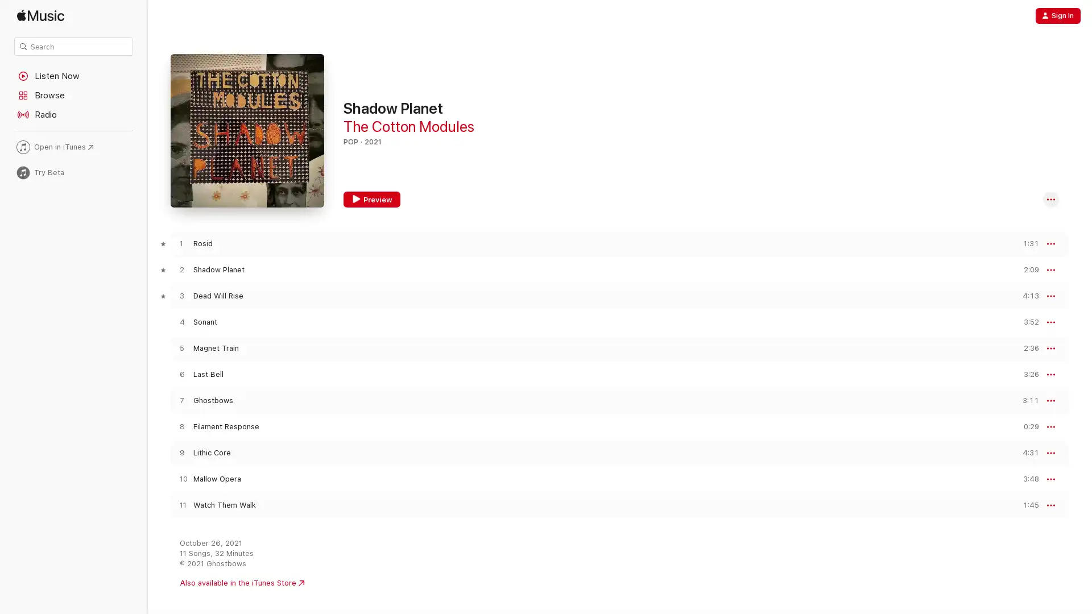  Describe the element at coordinates (1050, 453) in the screenshot. I see `More` at that location.